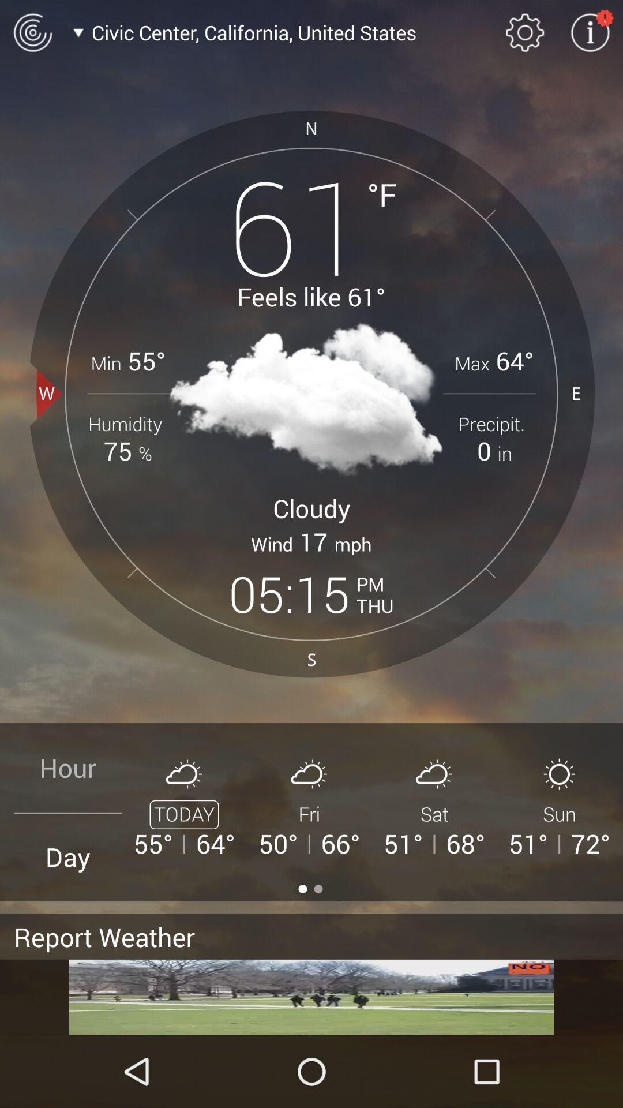 Image resolution: width=623 pixels, height=1108 pixels. What do you see at coordinates (590, 32) in the screenshot?
I see `settings` at bounding box center [590, 32].